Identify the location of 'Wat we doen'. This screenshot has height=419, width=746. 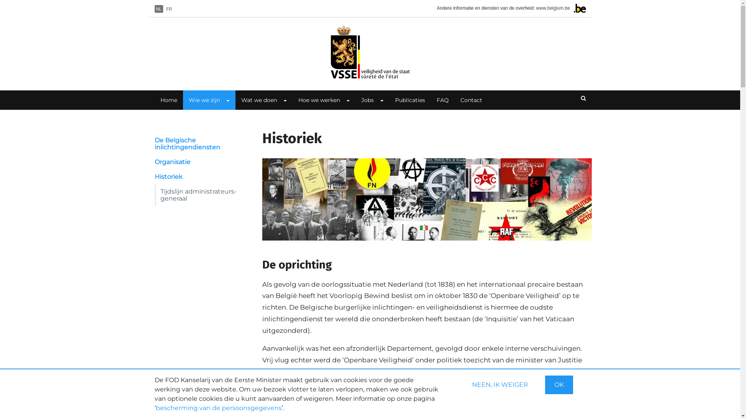
(256, 100).